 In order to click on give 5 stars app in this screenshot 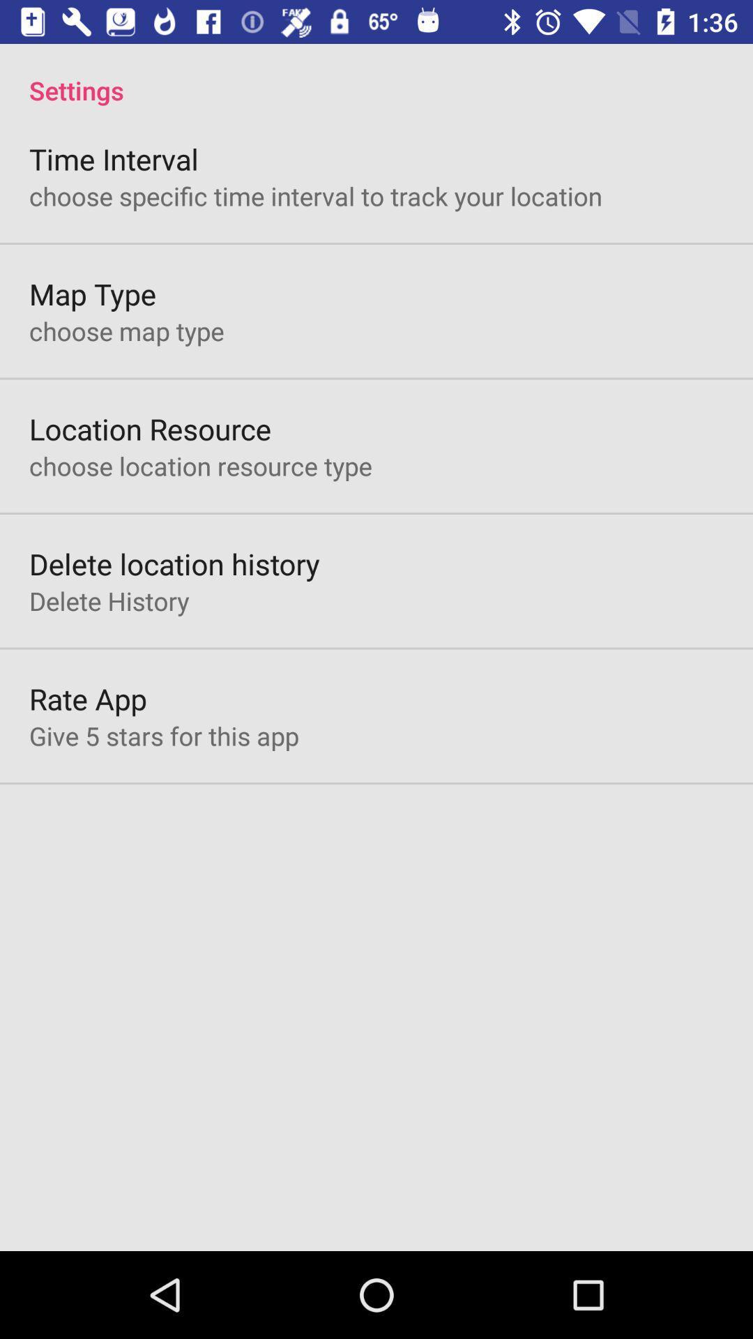, I will do `click(163, 735)`.